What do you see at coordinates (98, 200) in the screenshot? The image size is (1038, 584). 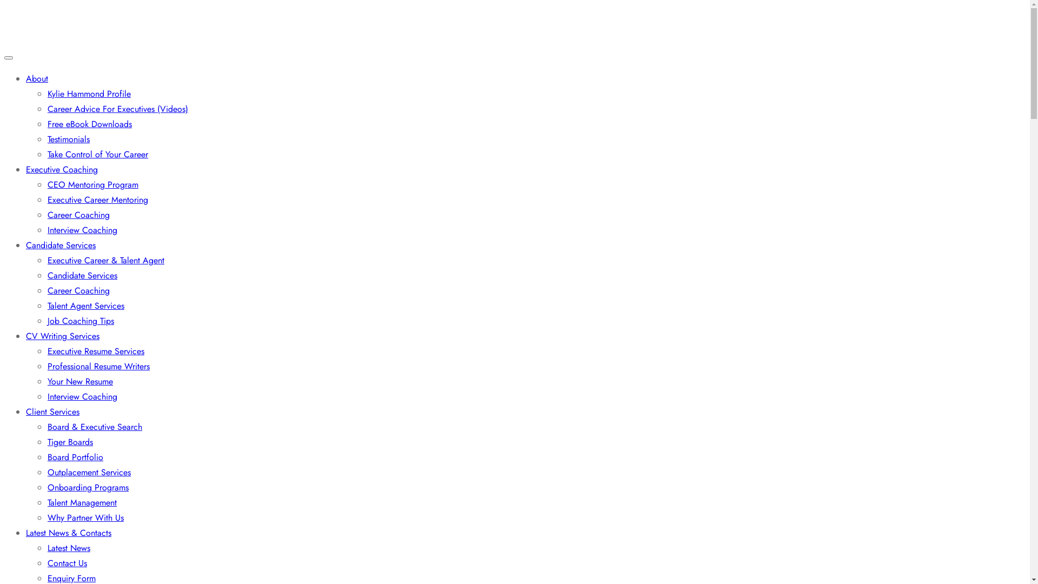 I see `'Executive Career Mentoring'` at bounding box center [98, 200].